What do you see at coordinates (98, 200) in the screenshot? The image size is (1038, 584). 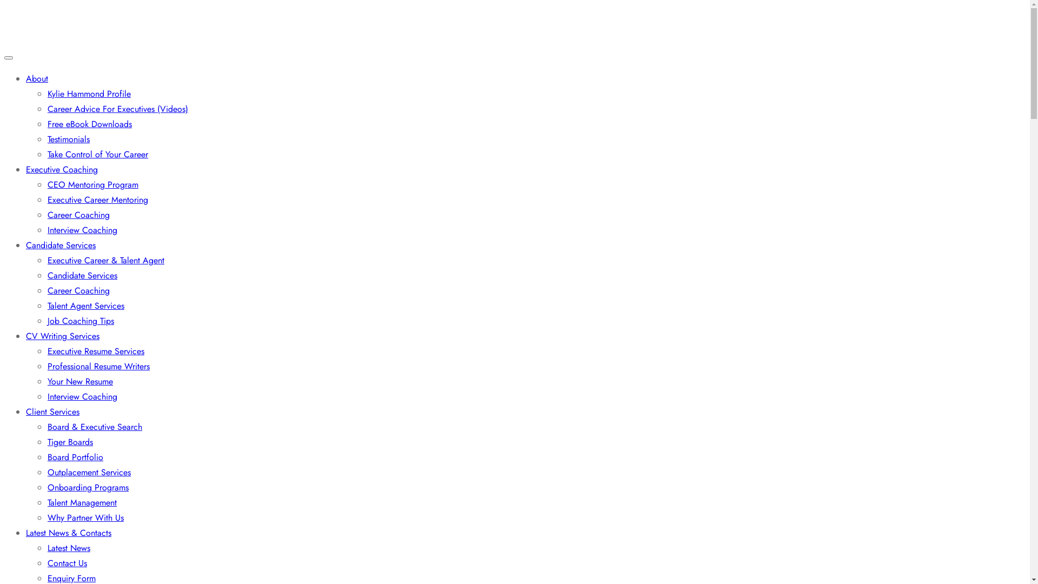 I see `'Executive Career Mentoring'` at bounding box center [98, 200].